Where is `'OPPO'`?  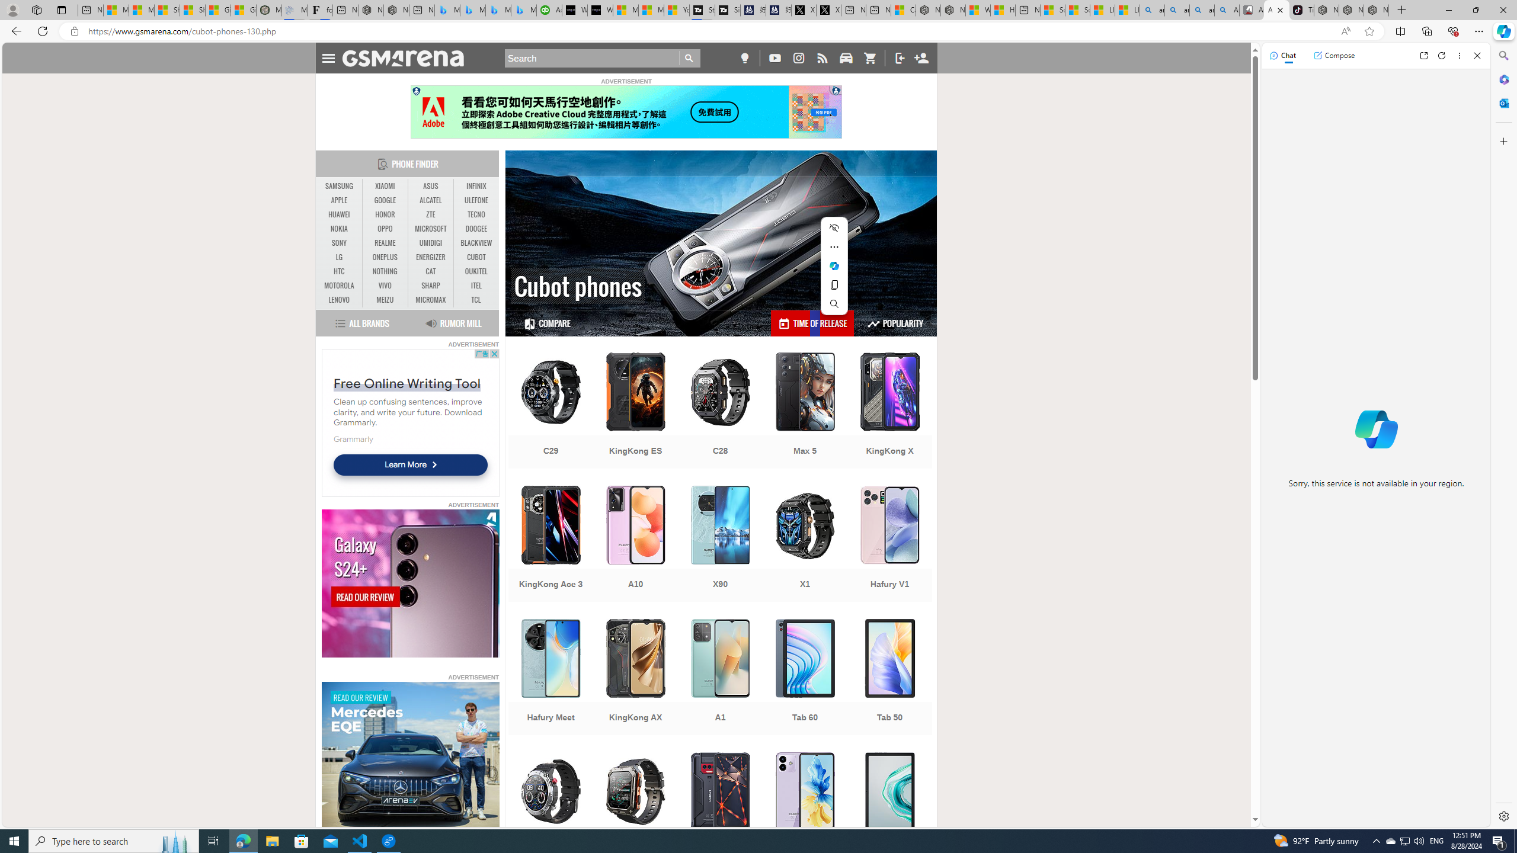
'OPPO' is located at coordinates (385, 229).